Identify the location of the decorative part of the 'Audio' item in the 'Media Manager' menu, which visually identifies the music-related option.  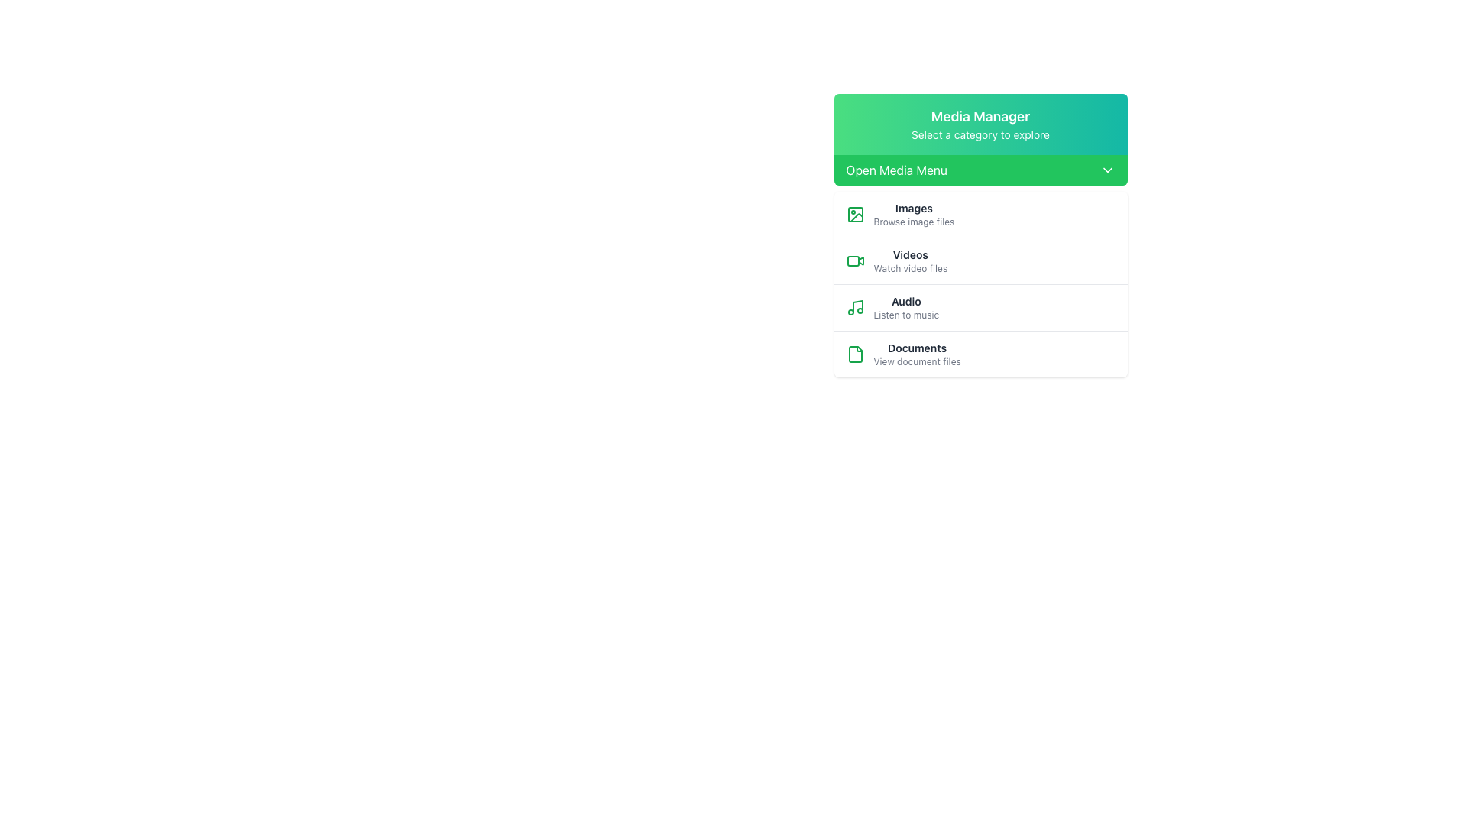
(857, 306).